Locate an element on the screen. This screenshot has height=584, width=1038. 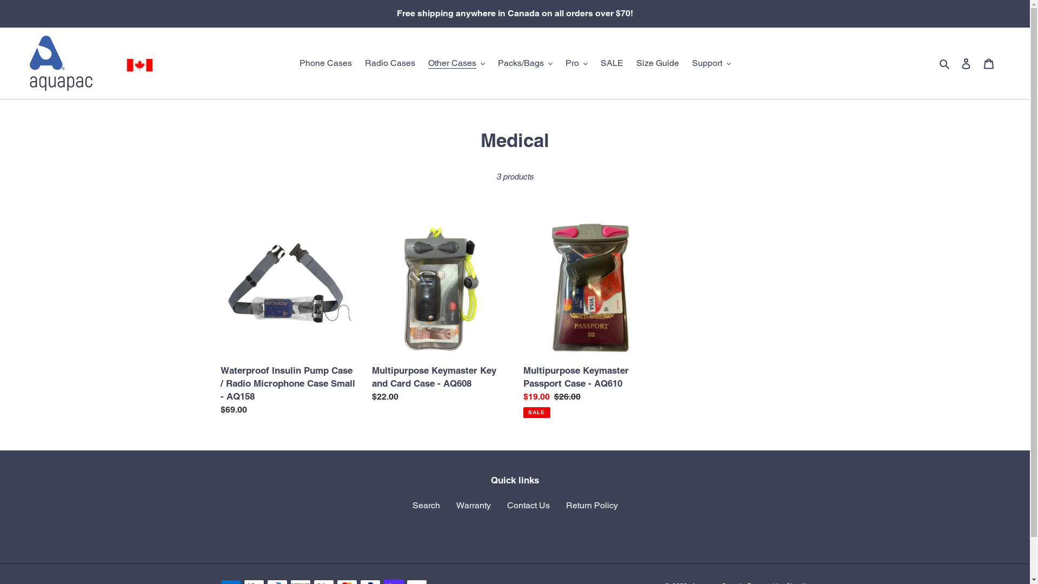
'Search' is located at coordinates (425, 505).